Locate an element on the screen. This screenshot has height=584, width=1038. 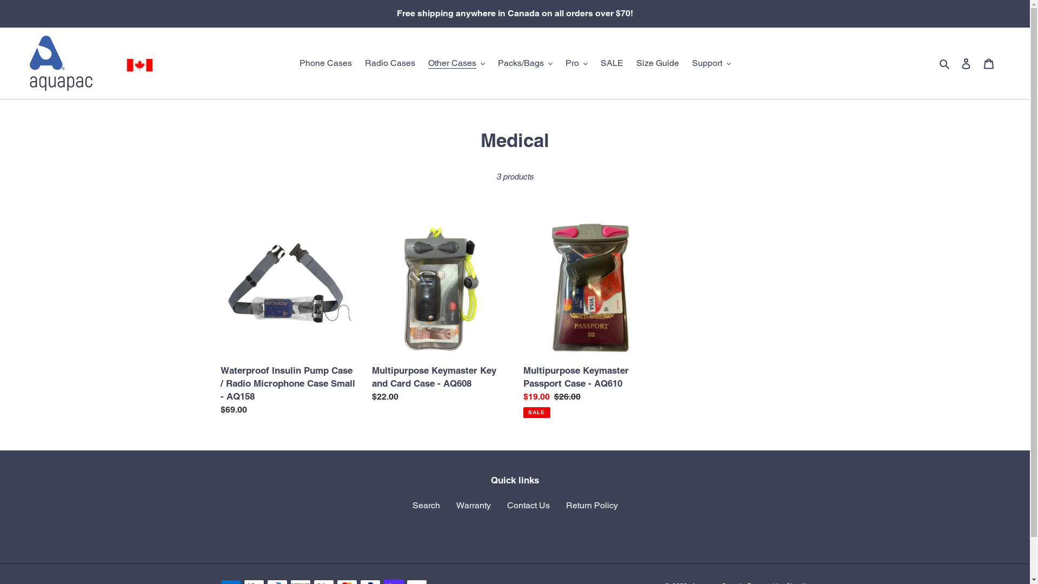
'Search' is located at coordinates (425, 505).